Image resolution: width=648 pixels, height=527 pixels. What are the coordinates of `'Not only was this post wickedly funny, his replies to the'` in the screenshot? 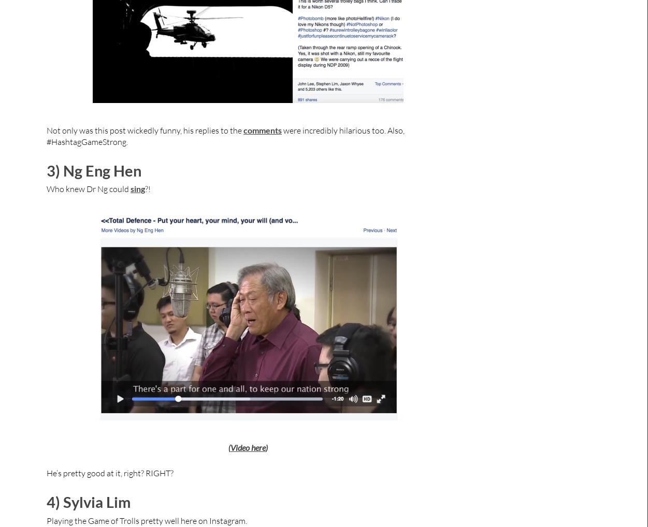 It's located at (46, 129).